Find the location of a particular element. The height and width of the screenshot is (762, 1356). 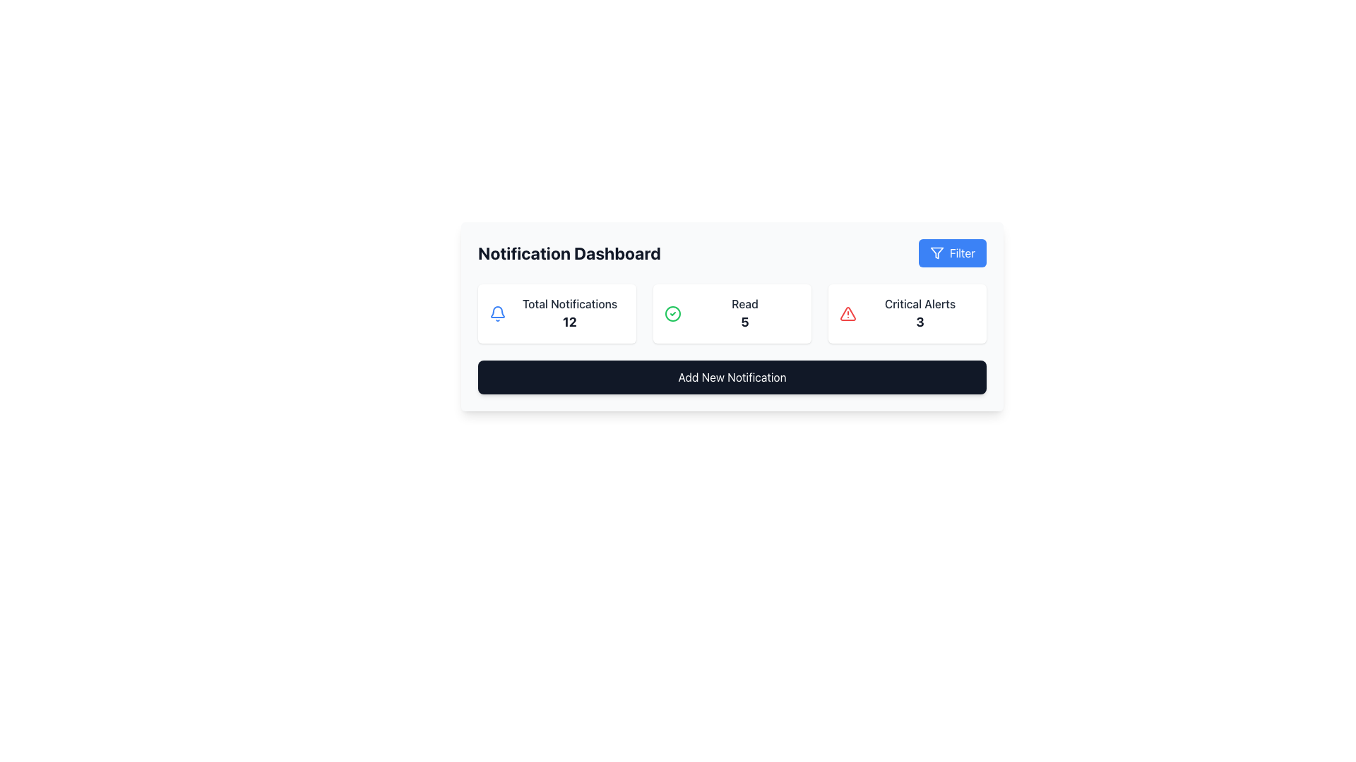

the Text Display that shows the number of critical alerts, located in the third card from the left with a red alert icon to the left of the text is located at coordinates (920, 313).